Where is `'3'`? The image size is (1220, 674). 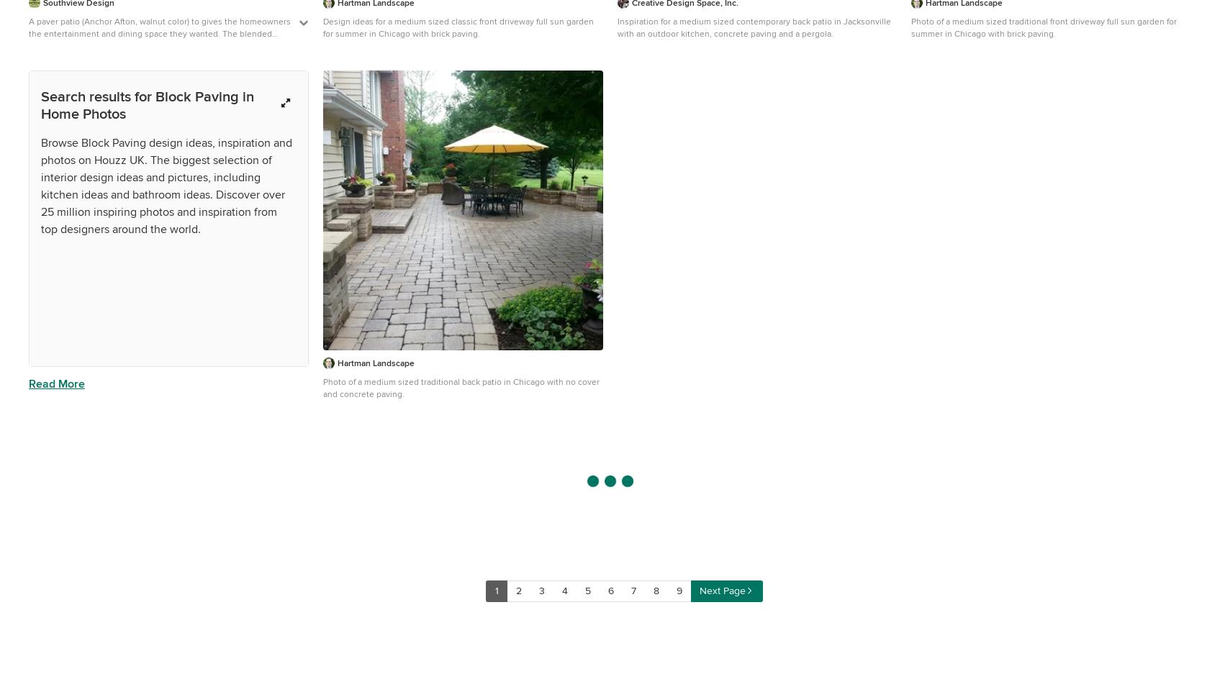
'3' is located at coordinates (541, 589).